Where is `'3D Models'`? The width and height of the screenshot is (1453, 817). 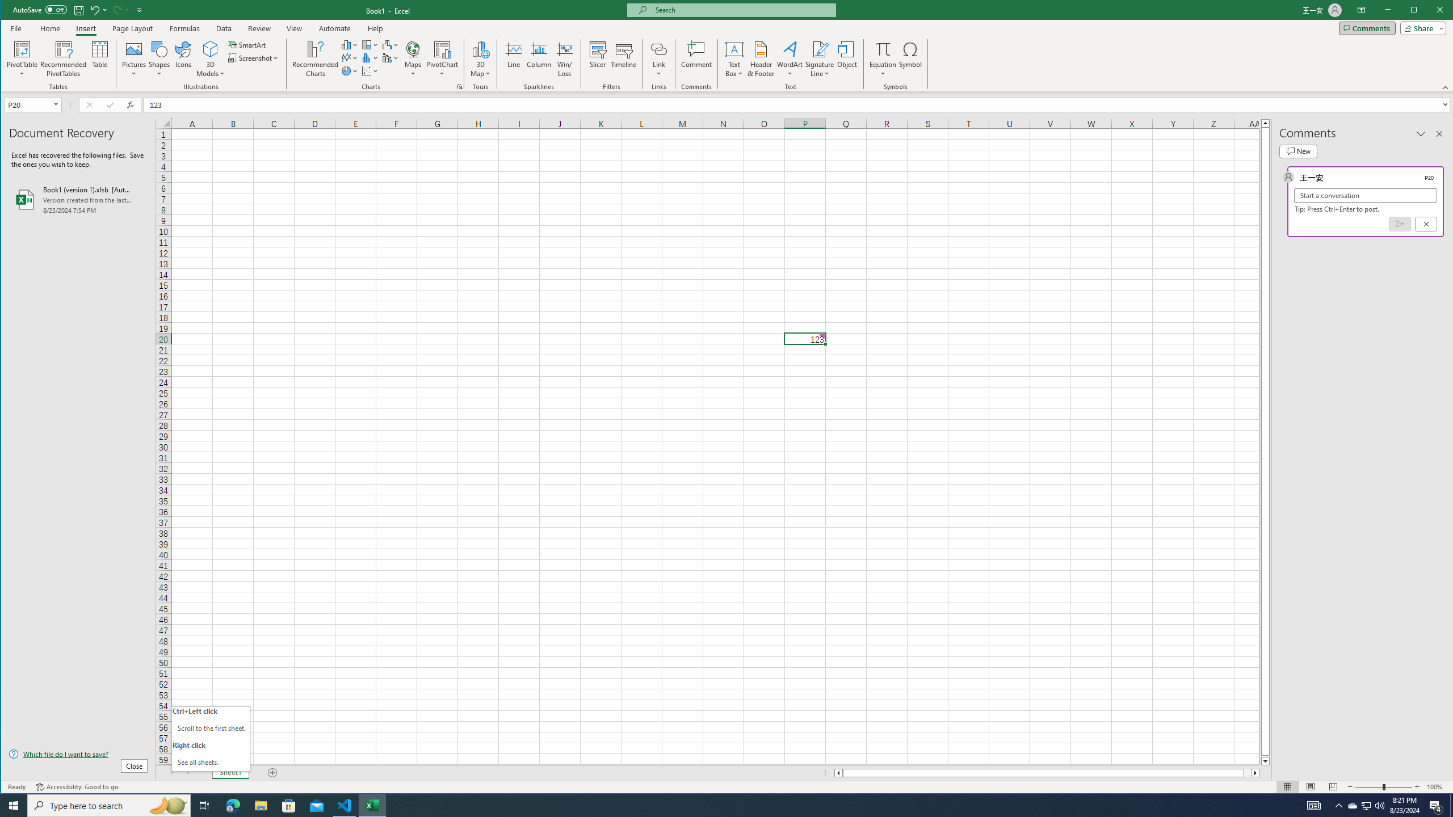
'3D Models' is located at coordinates (210, 48).